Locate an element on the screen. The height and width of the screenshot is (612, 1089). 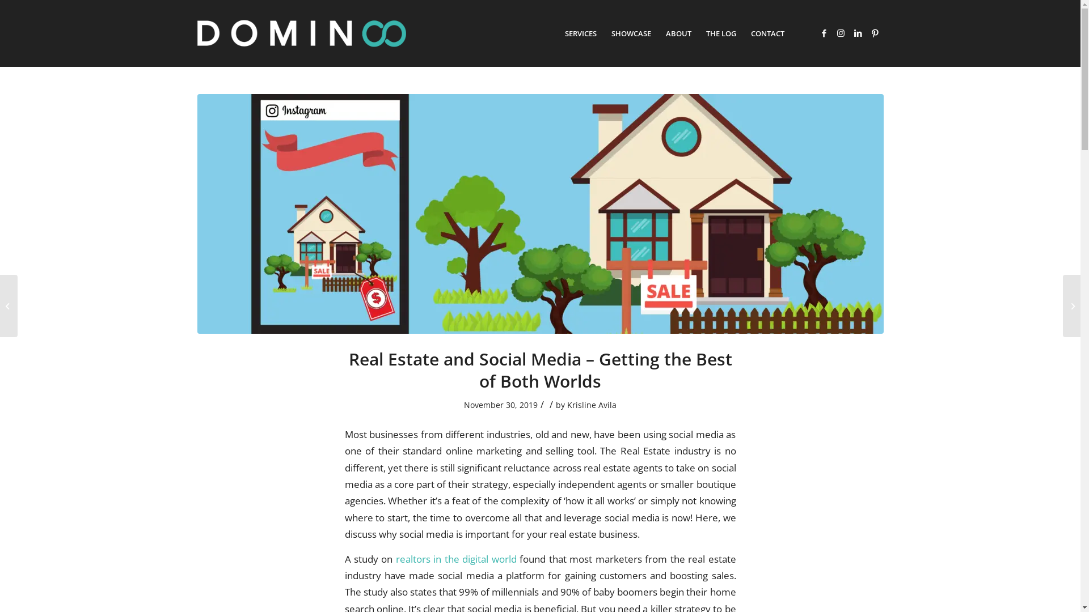
'realtors in the digital world' is located at coordinates (456, 558).